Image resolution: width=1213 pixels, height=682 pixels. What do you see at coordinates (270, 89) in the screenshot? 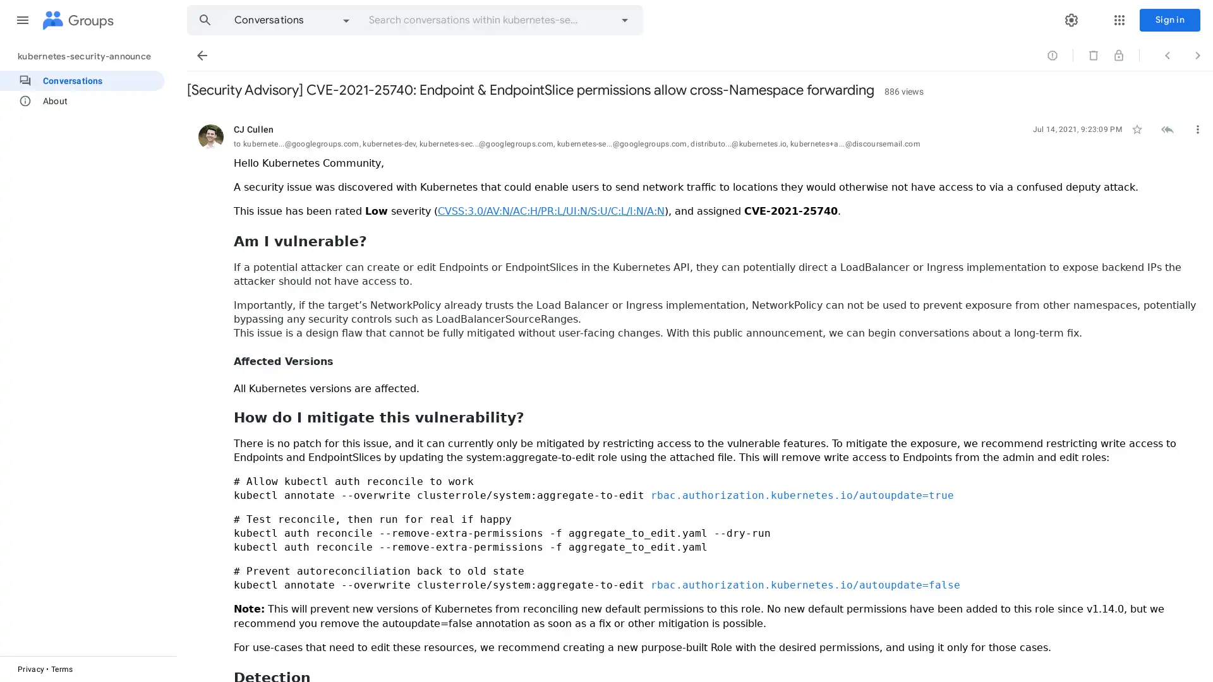
I see `Skip to first unread message` at bounding box center [270, 89].